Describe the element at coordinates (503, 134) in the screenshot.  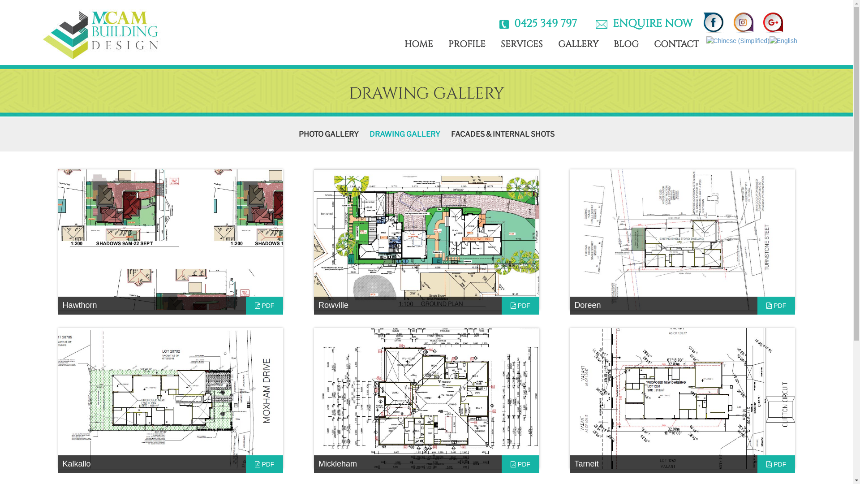
I see `'FACADES & INTERNAL SHOTS'` at that location.